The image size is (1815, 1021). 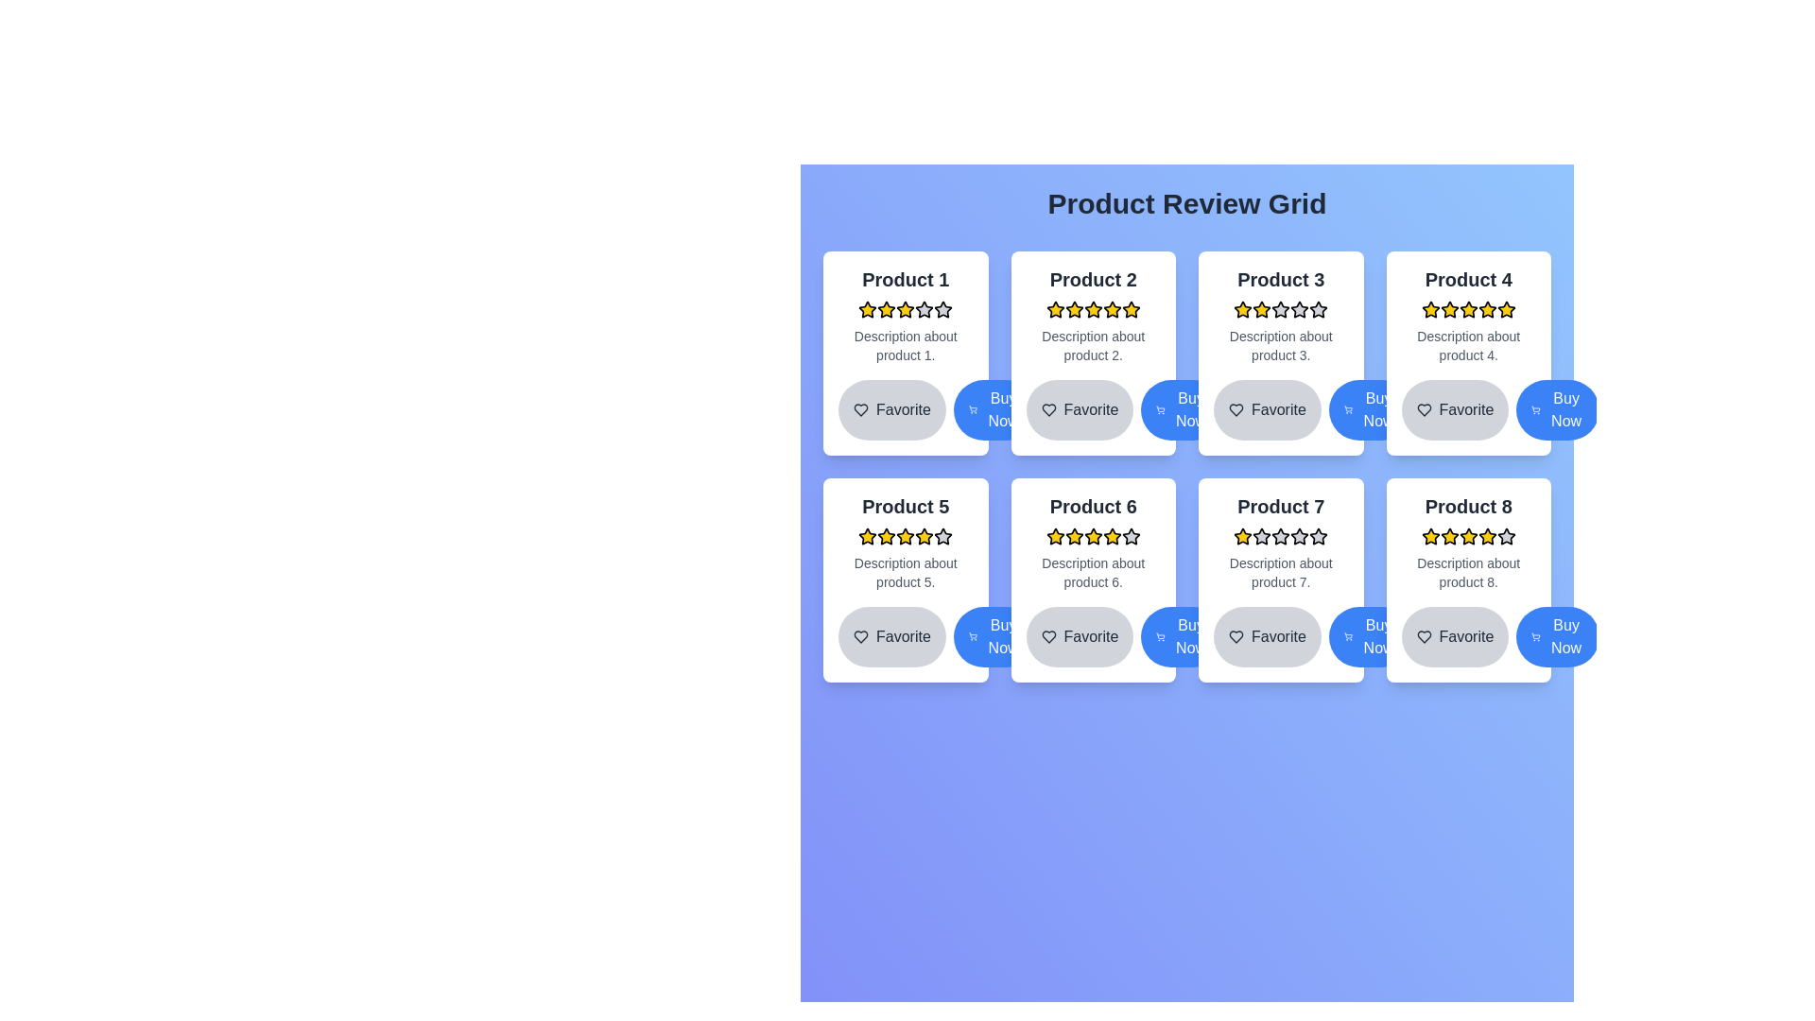 I want to click on the 'favorite' toggle button located at the bottom of 'Product 1' card to mark the item as favorite, so click(x=890, y=409).